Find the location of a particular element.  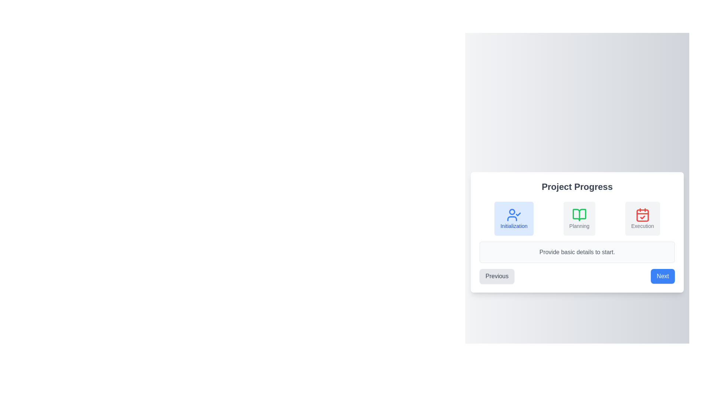

the Previous button to navigate through the steps is located at coordinates (497, 276).